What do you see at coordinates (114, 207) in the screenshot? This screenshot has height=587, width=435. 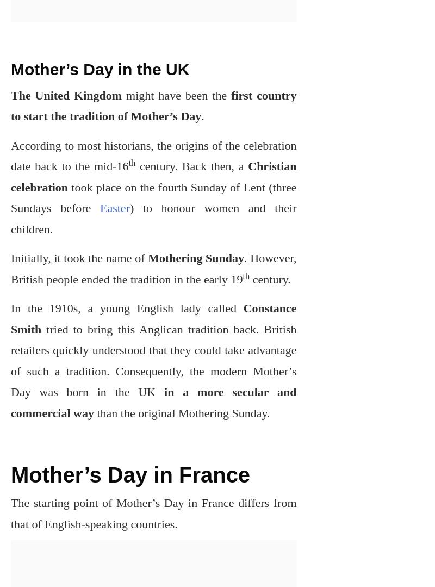 I see `'Easter'` at bounding box center [114, 207].